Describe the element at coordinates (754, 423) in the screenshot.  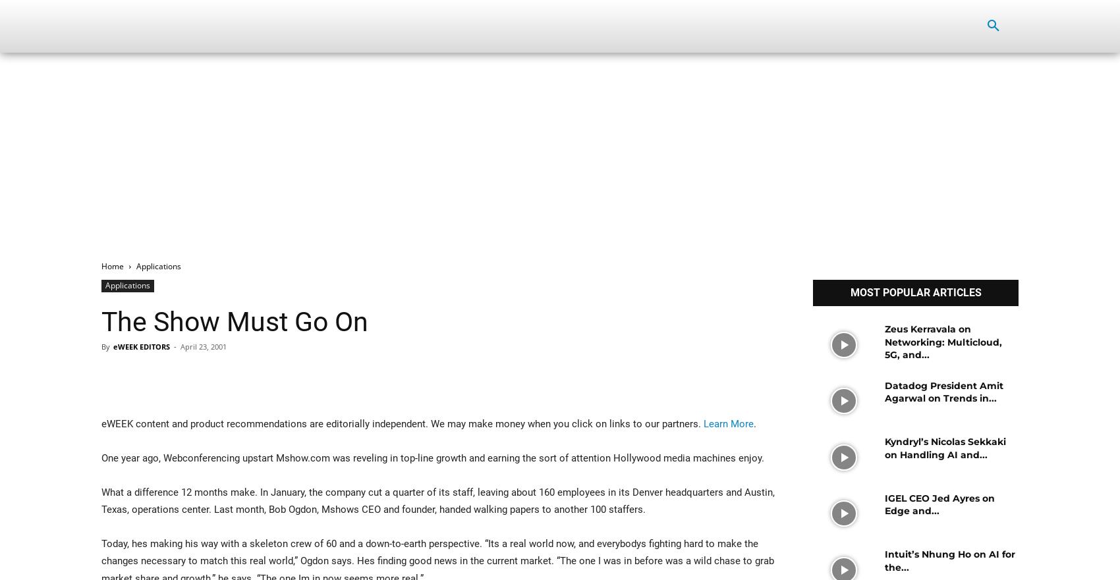
I see `'.'` at that location.